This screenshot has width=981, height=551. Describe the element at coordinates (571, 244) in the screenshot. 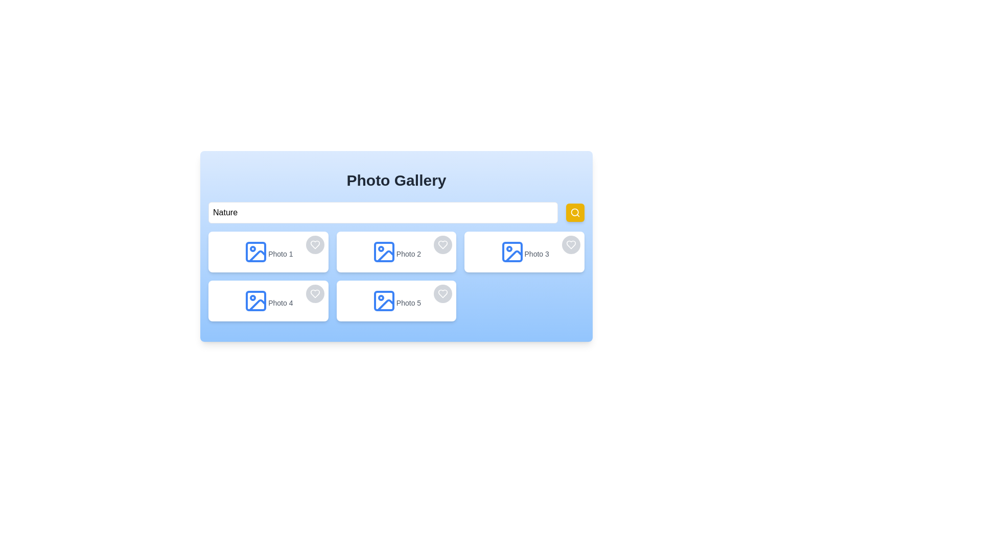

I see `the like button located at the top-right corner of the 'Photo 3' item box to like the associated photo` at that location.